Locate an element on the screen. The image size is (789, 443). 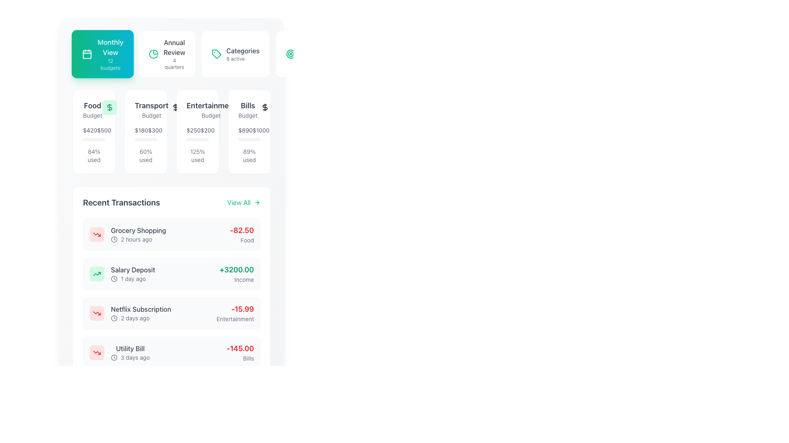
the text label displaying 'Budget', which is styled in a small gray font and located below the 'Bills' title within the financial categories section is located at coordinates (247, 115).